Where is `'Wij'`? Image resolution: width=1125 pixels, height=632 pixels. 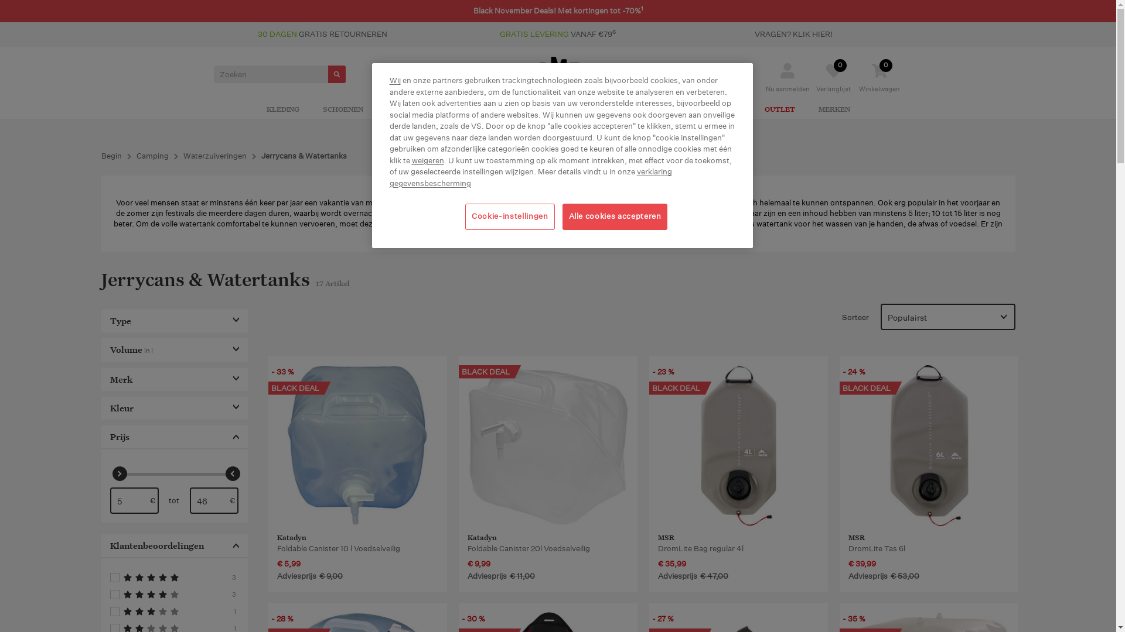
'Wij' is located at coordinates (394, 80).